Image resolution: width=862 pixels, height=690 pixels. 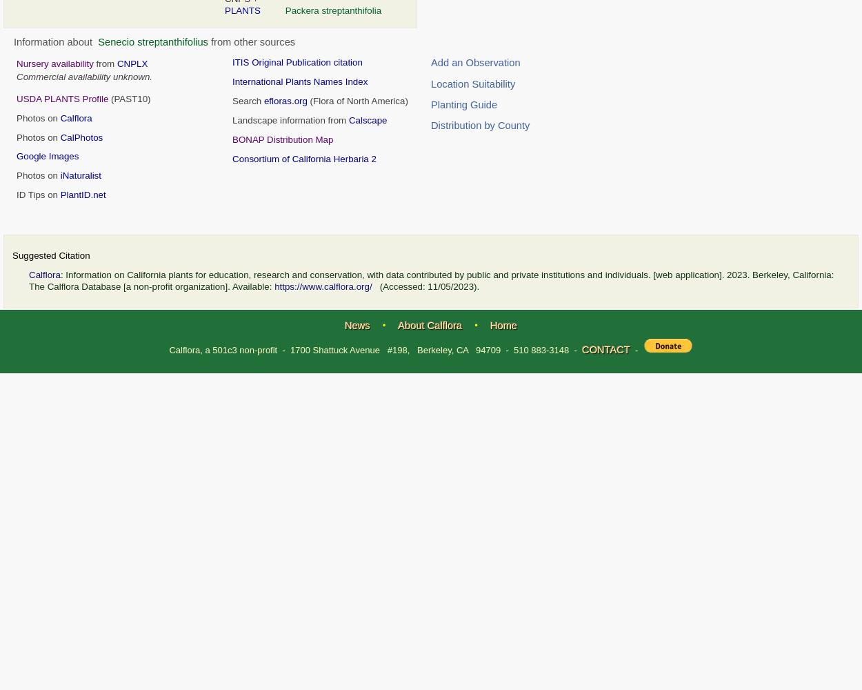 What do you see at coordinates (241, 10) in the screenshot?
I see `'PLANTS'` at bounding box center [241, 10].